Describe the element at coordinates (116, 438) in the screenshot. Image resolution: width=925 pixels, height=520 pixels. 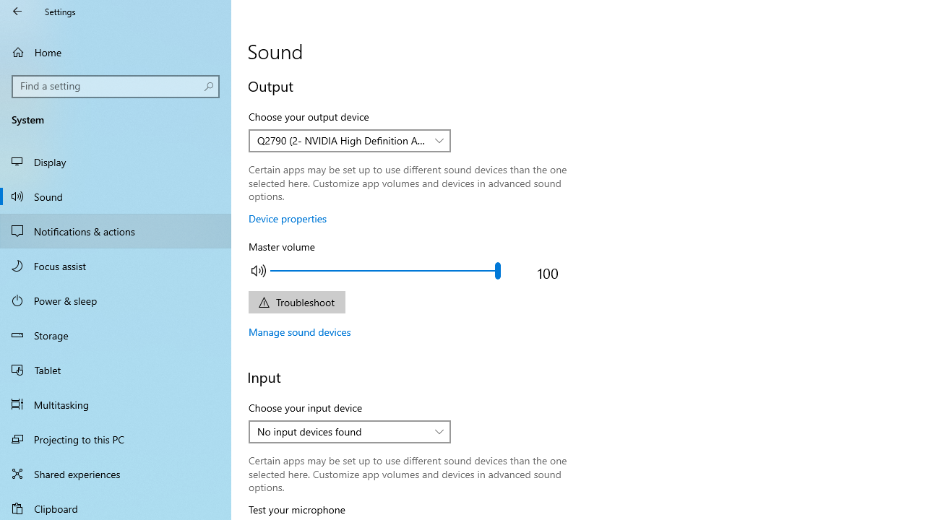
I see `'Projecting to this PC'` at that location.